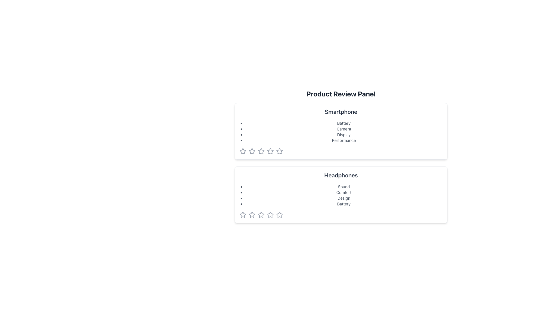 This screenshot has height=309, width=550. I want to click on the second star icon in gray tones located under the 'Headphones' section for additional options, so click(252, 215).